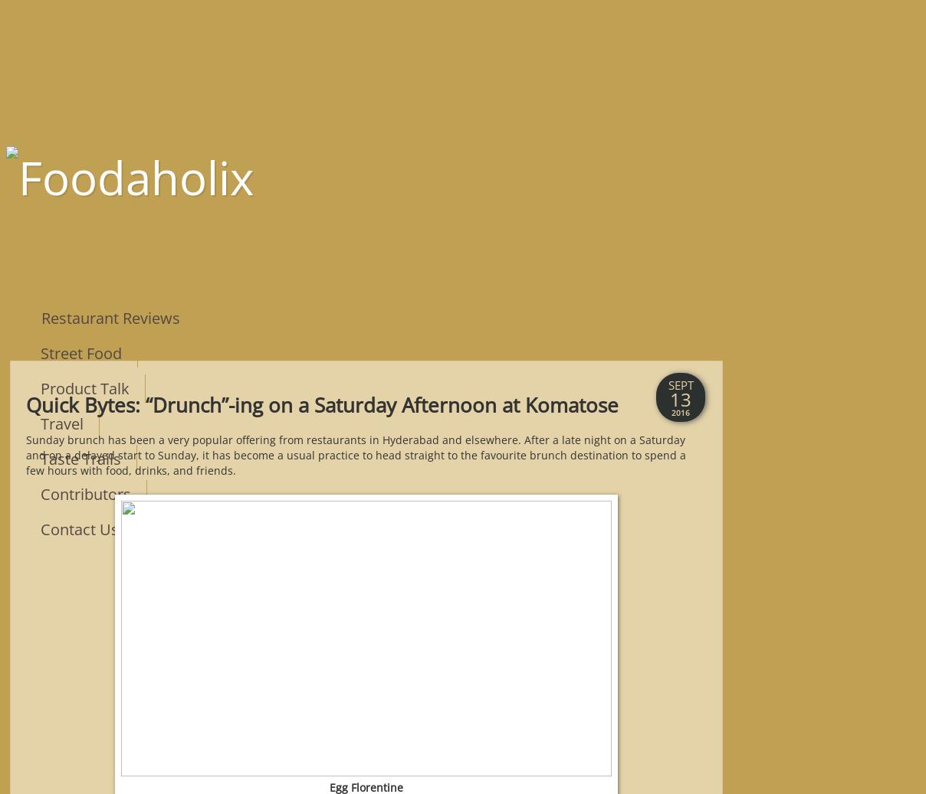 The width and height of the screenshot is (926, 794). What do you see at coordinates (356, 455) in the screenshot?
I see `'Sunday brunch has been a very popular offering from restaurants in Hyderabad and elsewhere. After a late night on a Saturday and on a delayed start to Sunday, it has become a usual practice to head straight to the favourite brunch destination to spend a few hours with food, drinks, and friends.'` at bounding box center [356, 455].